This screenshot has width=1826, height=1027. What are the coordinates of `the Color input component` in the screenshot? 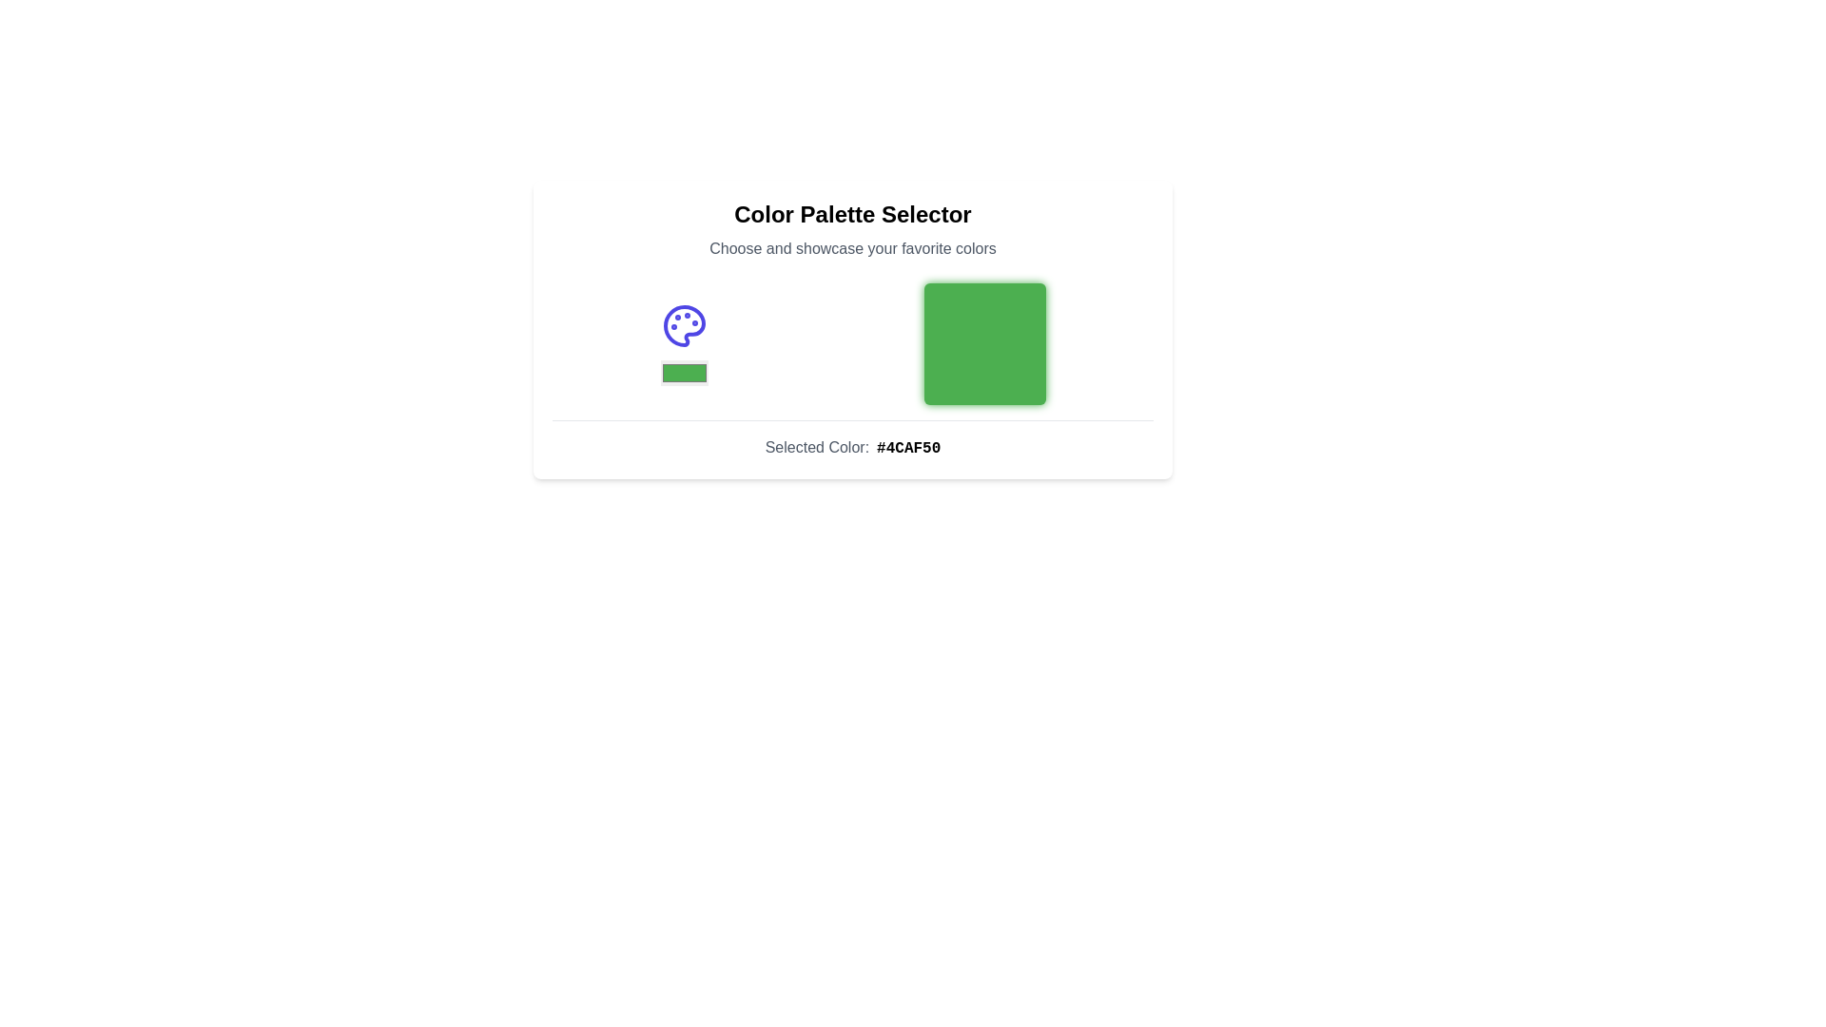 It's located at (684, 373).